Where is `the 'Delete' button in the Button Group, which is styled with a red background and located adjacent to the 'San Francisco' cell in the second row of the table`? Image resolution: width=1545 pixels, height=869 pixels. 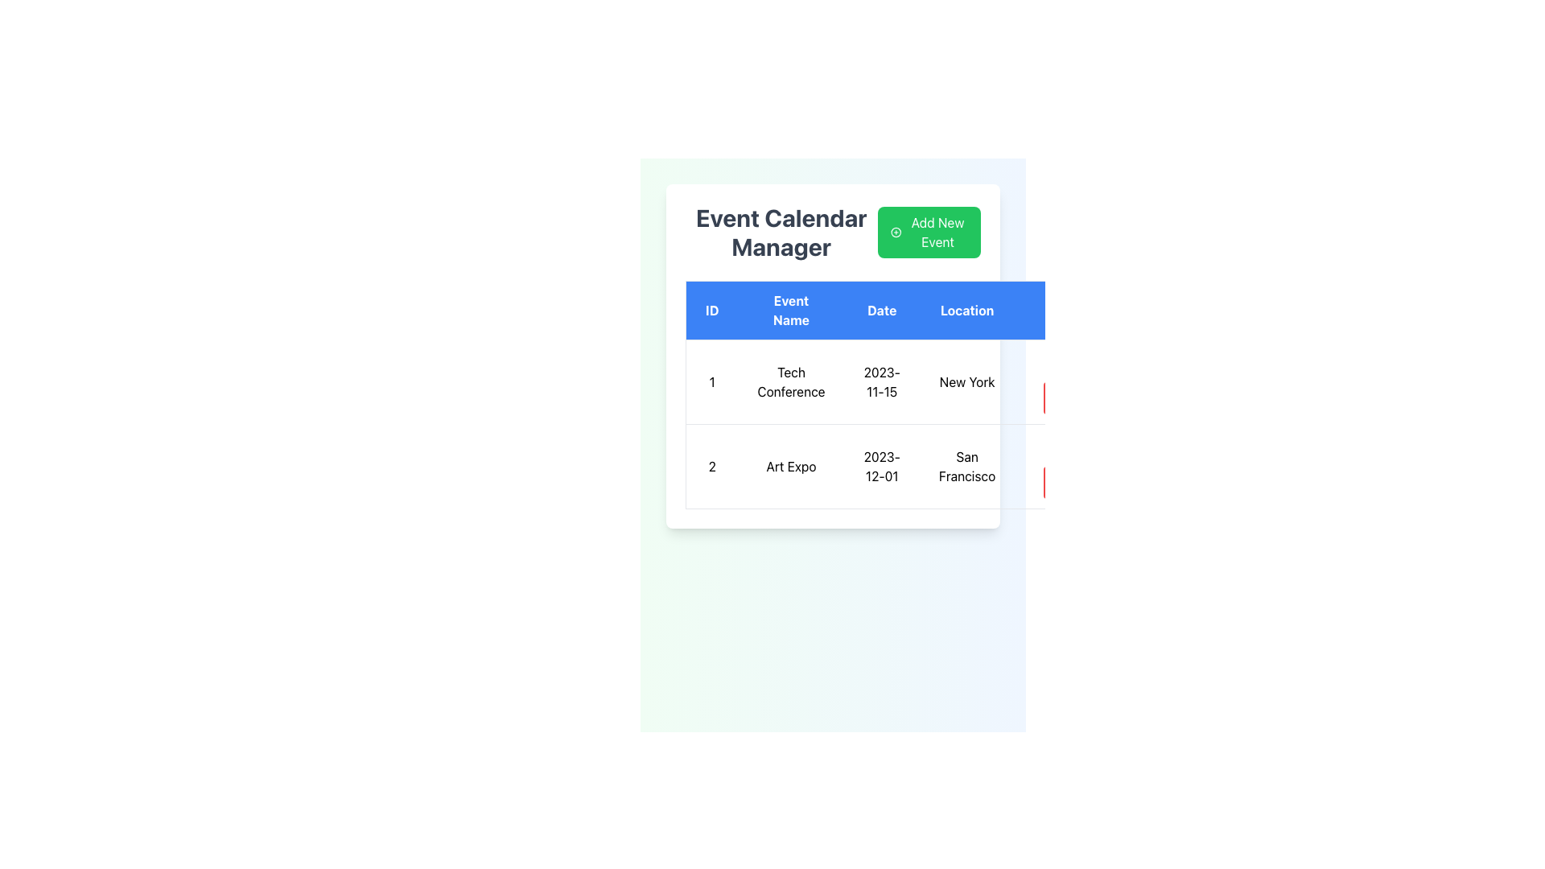
the 'Delete' button in the Button Group, which is styled with a red background and located adjacent to the 'San Francisco' cell in the second row of the table is located at coordinates (1070, 466).